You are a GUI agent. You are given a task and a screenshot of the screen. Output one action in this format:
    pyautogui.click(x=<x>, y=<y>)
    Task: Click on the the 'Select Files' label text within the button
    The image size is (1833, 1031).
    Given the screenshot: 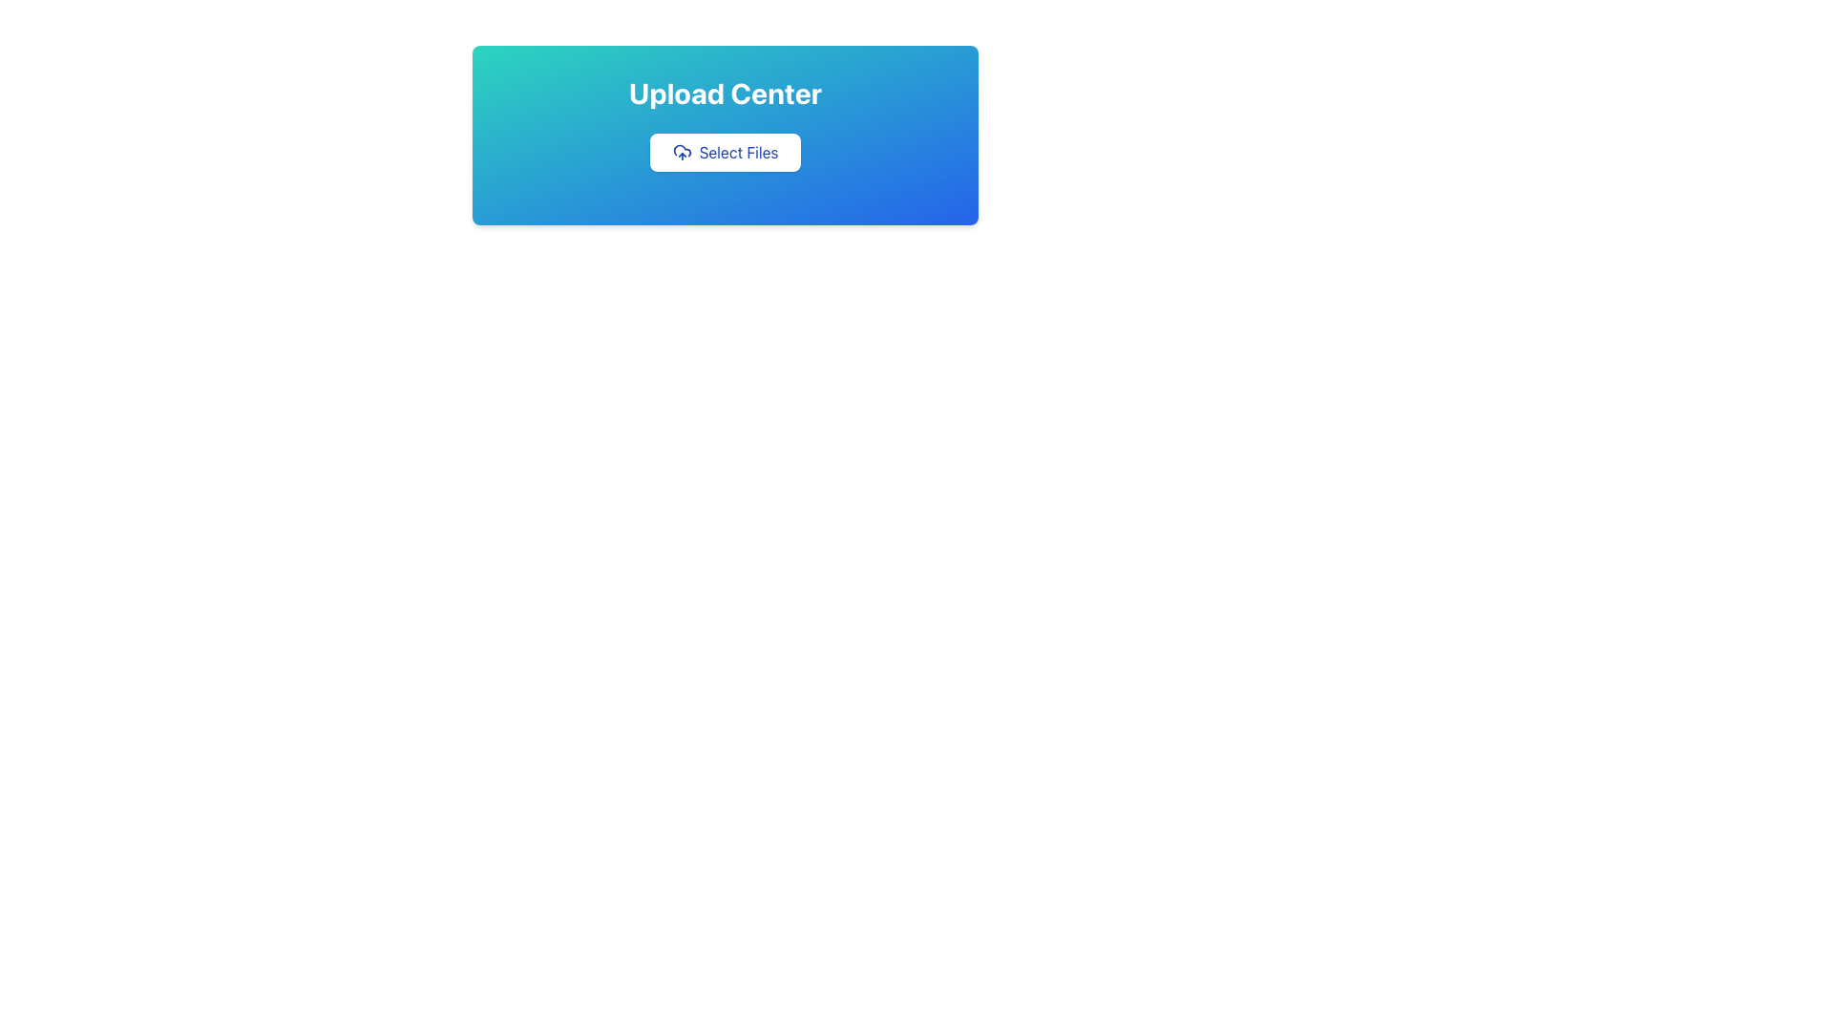 What is the action you would take?
    pyautogui.click(x=737, y=151)
    